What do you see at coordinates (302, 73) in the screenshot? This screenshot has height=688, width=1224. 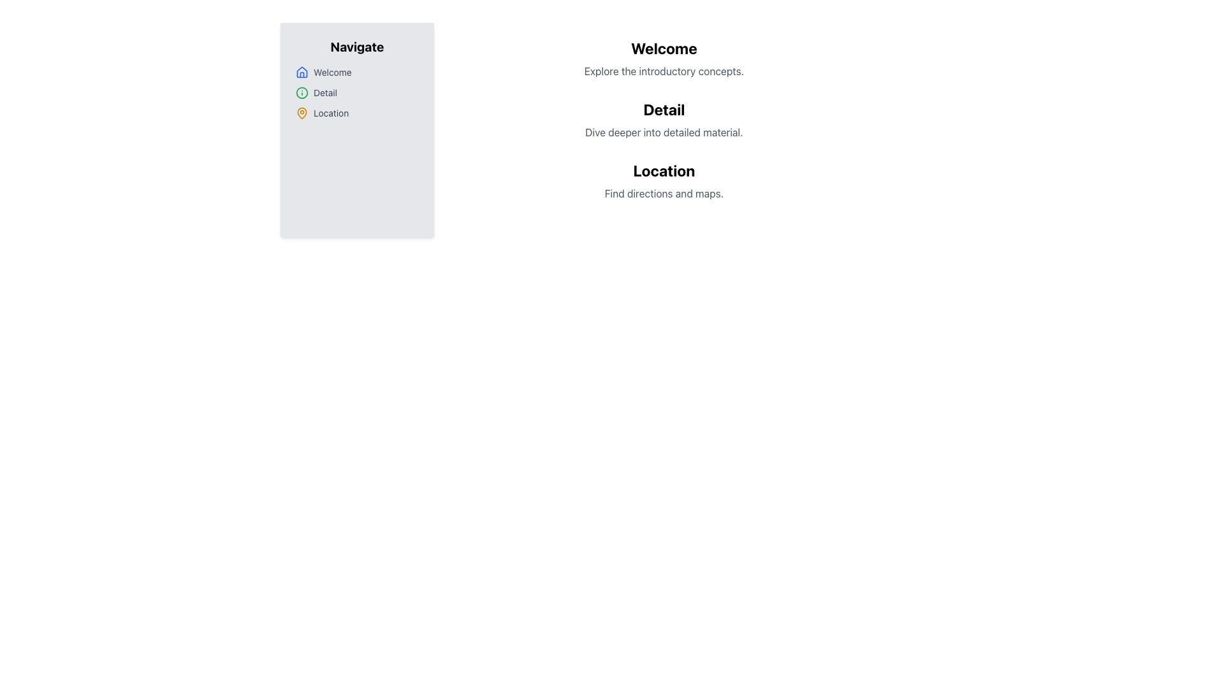 I see `the blue house silhouette icon in the sidebar navigation menu` at bounding box center [302, 73].